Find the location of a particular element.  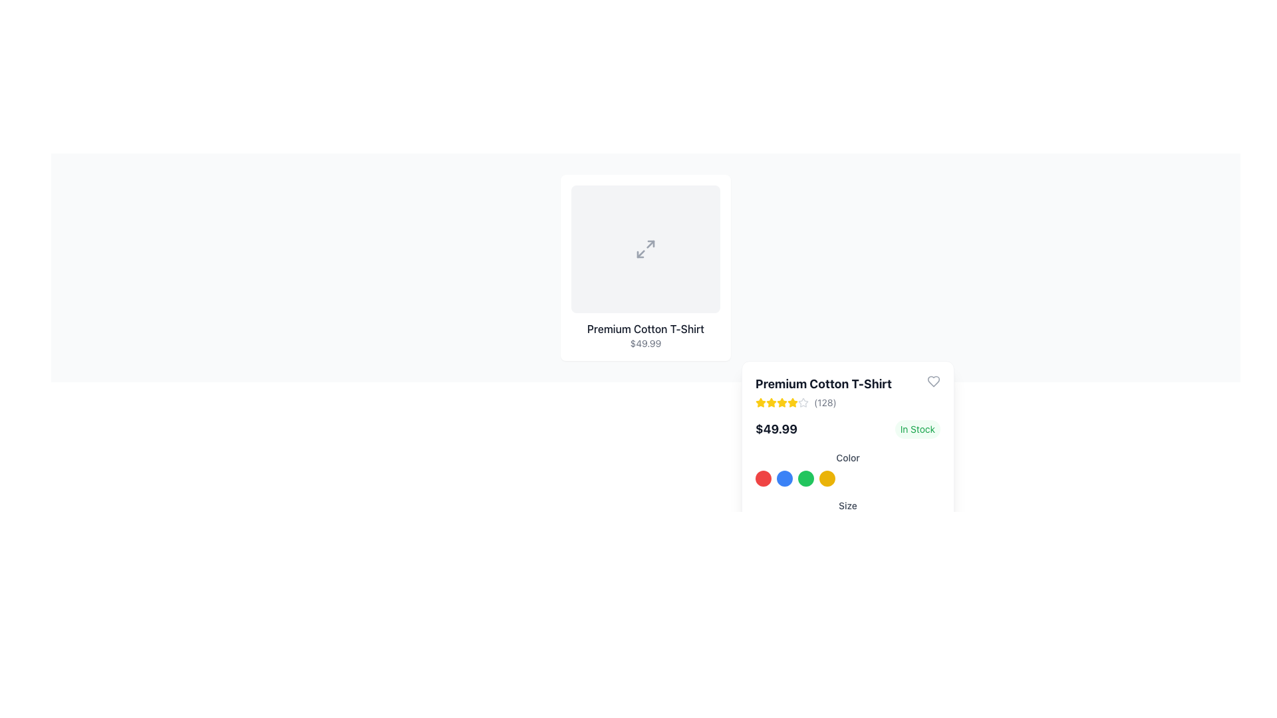

the interactive selector for the green color option, which is the third circular icon in a horizontal group located beneath the 'Color' label is located at coordinates (805, 479).